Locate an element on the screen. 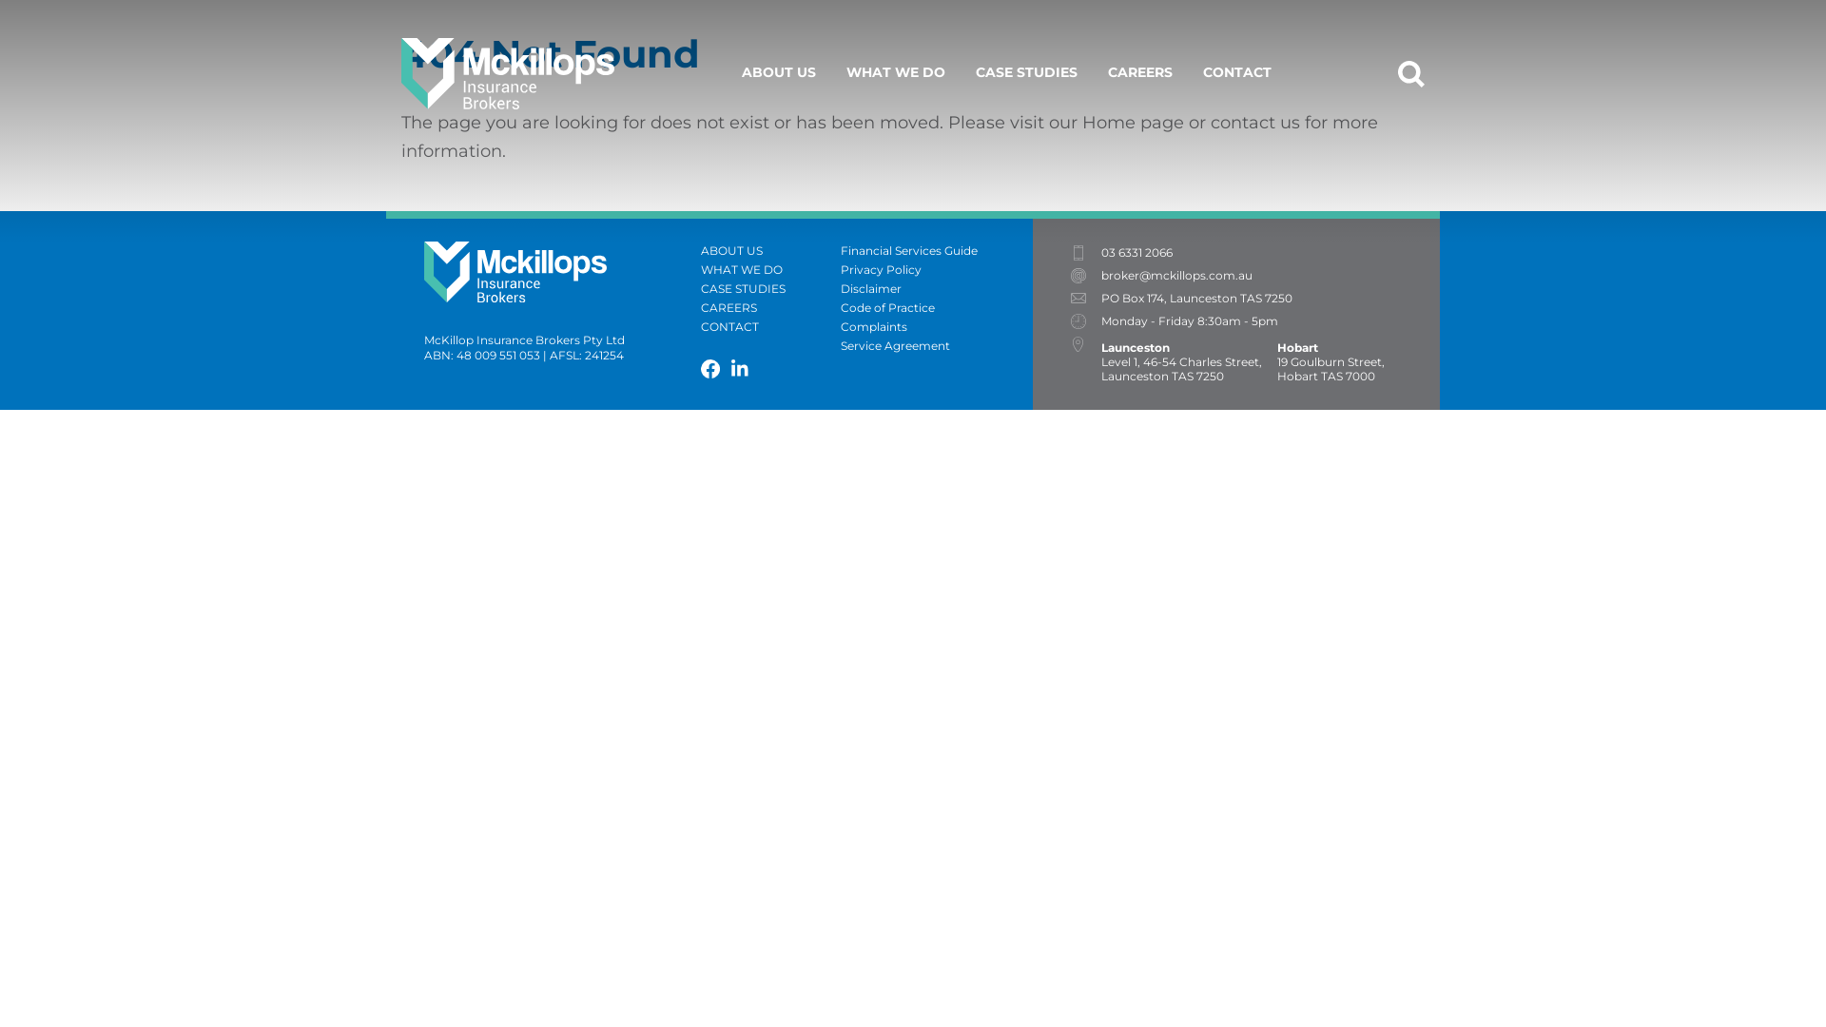 Image resolution: width=1826 pixels, height=1027 pixels. 'CAREERS' is located at coordinates (770, 307).